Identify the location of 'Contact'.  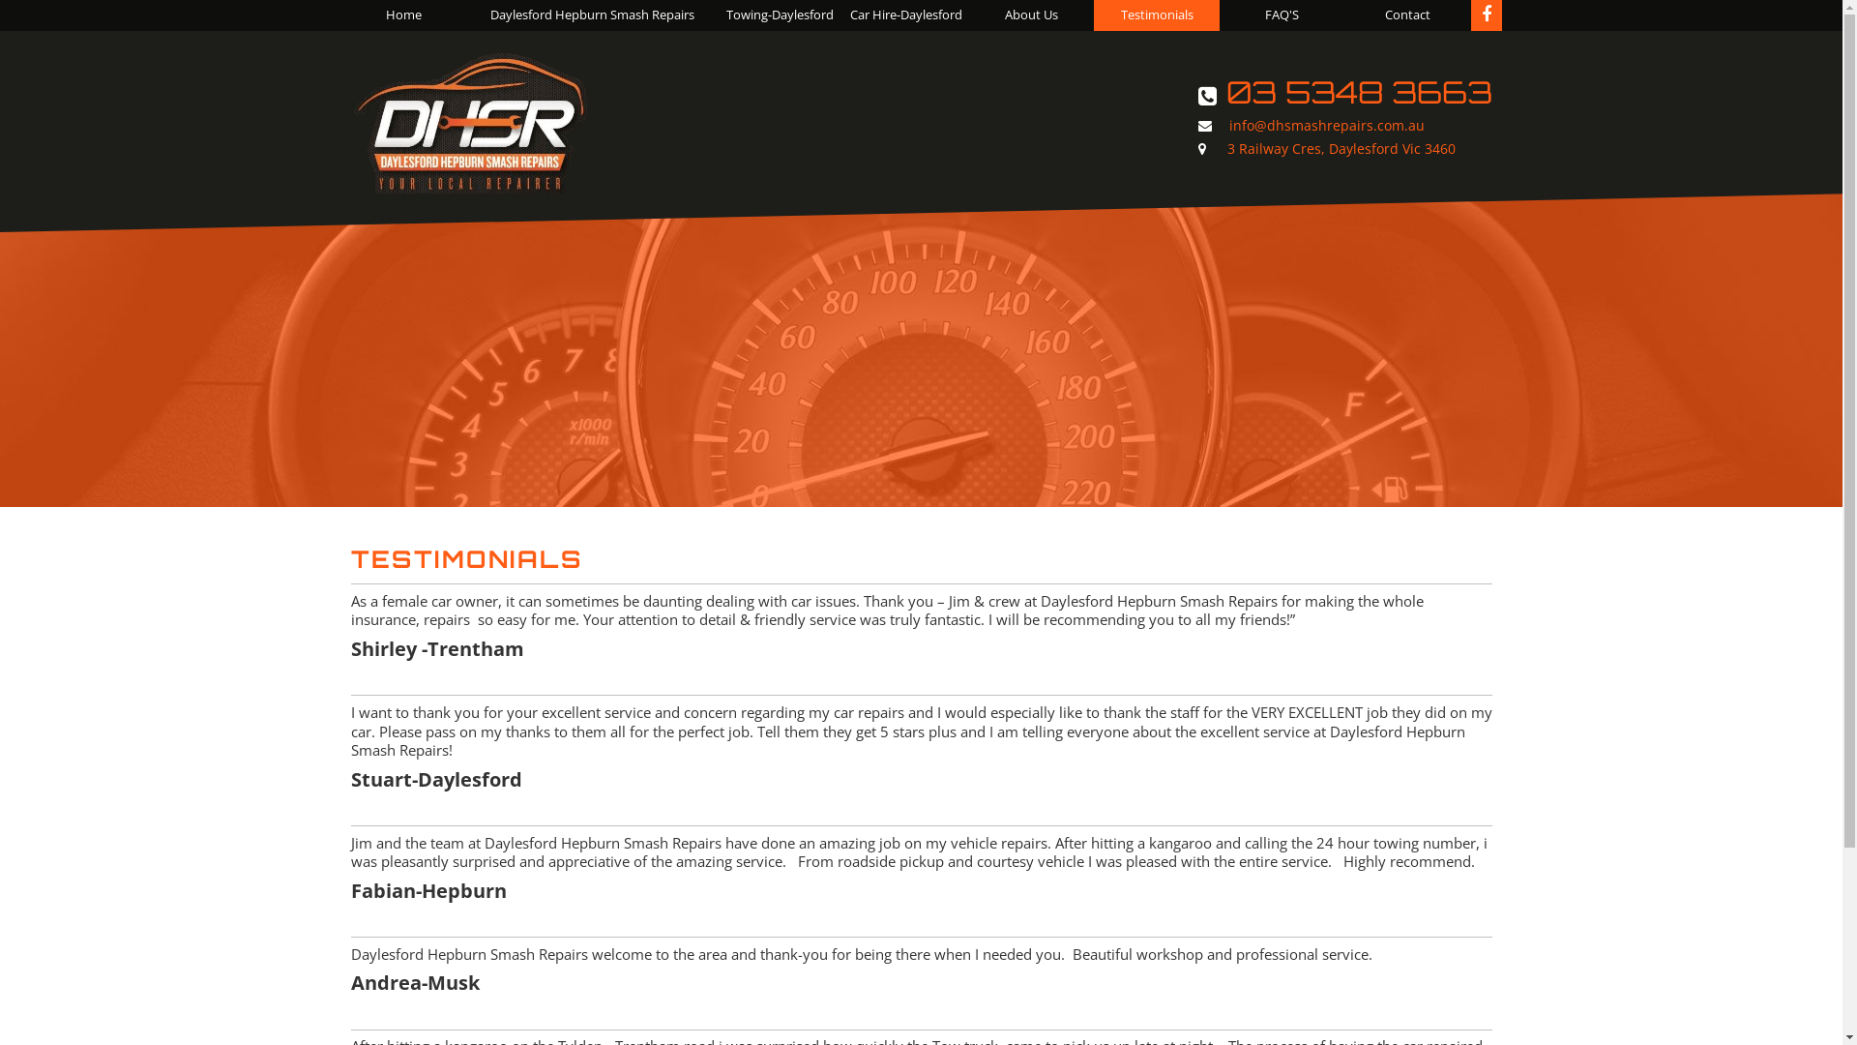
(1407, 15).